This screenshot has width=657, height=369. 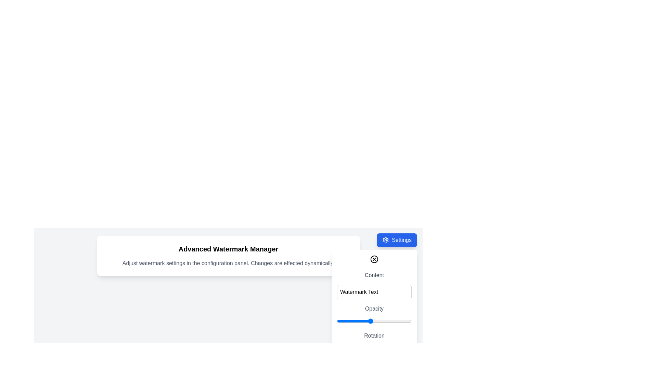 I want to click on rotation angle, so click(x=394, y=348).